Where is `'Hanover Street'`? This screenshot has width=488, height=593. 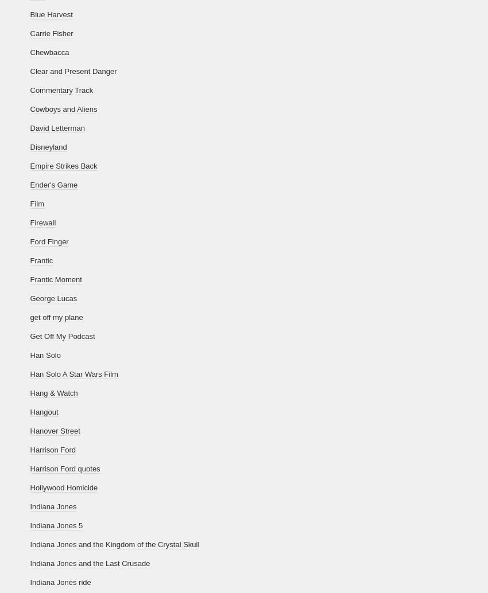 'Hanover Street' is located at coordinates (30, 431).